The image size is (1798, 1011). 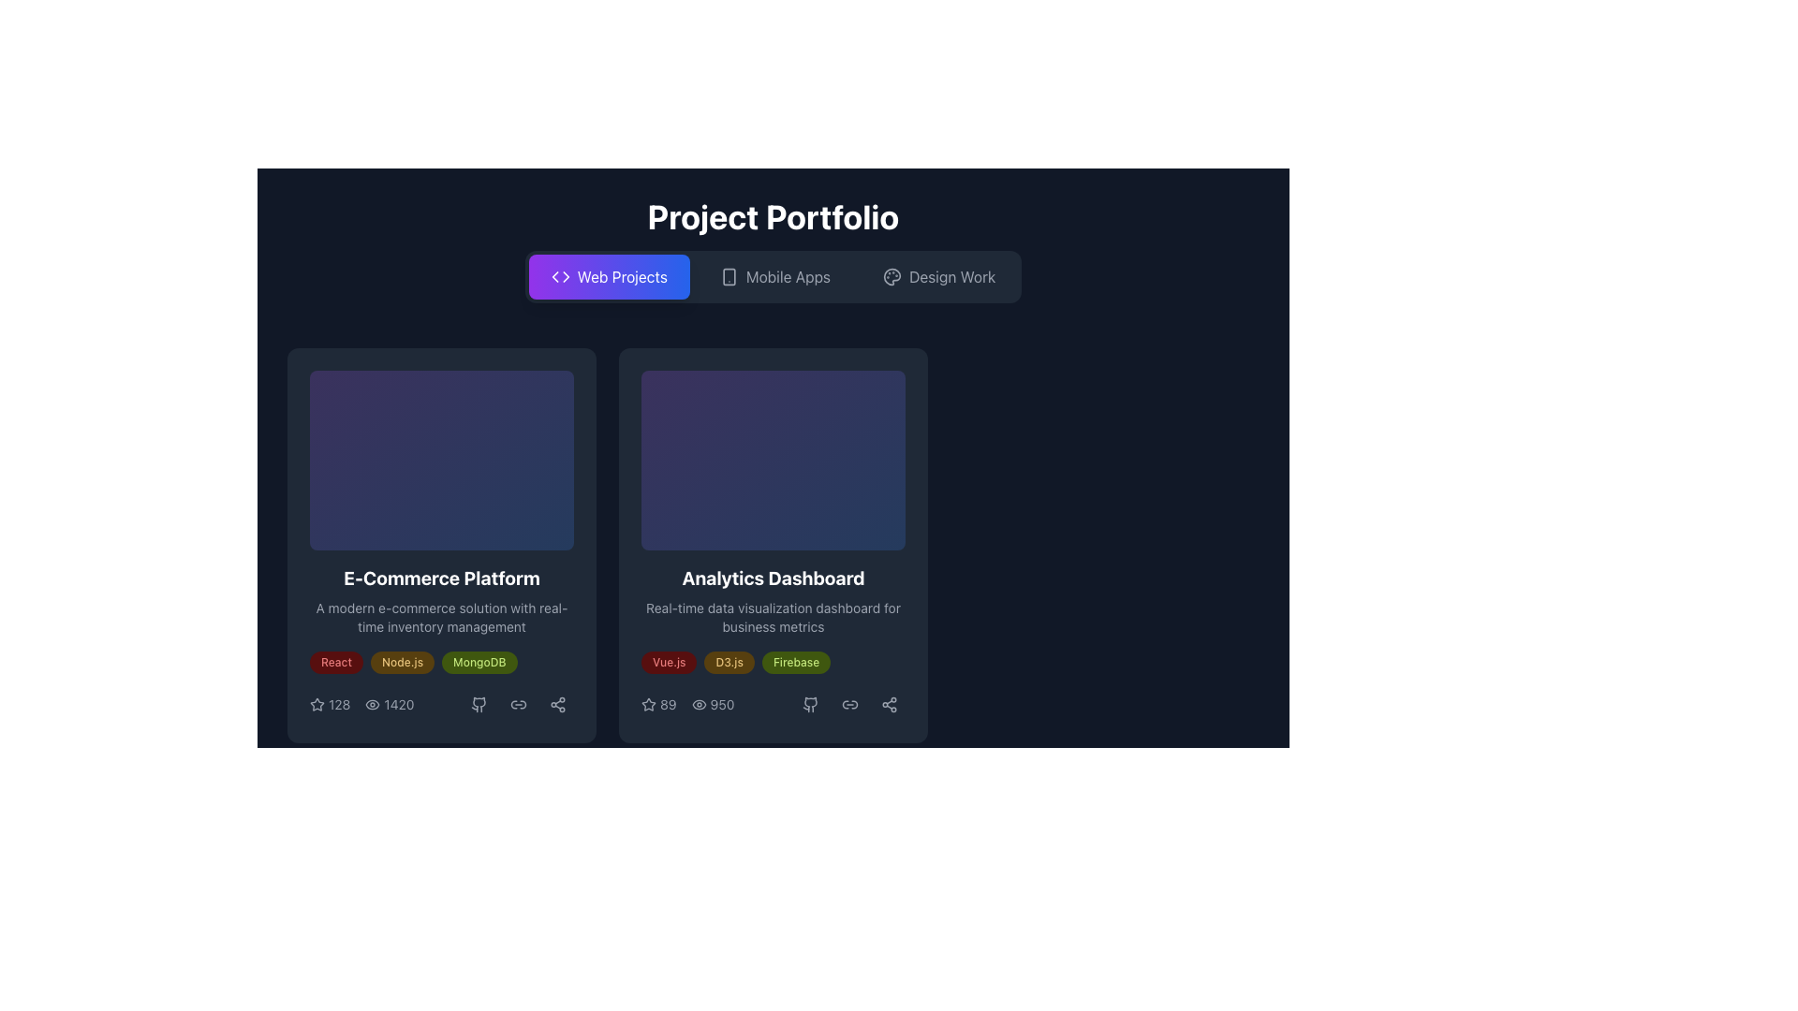 What do you see at coordinates (788, 277) in the screenshot?
I see `text content of the 'Mobile Apps' text label located in the navigation bar, which is positioned immediately after the smartphone icon` at bounding box center [788, 277].